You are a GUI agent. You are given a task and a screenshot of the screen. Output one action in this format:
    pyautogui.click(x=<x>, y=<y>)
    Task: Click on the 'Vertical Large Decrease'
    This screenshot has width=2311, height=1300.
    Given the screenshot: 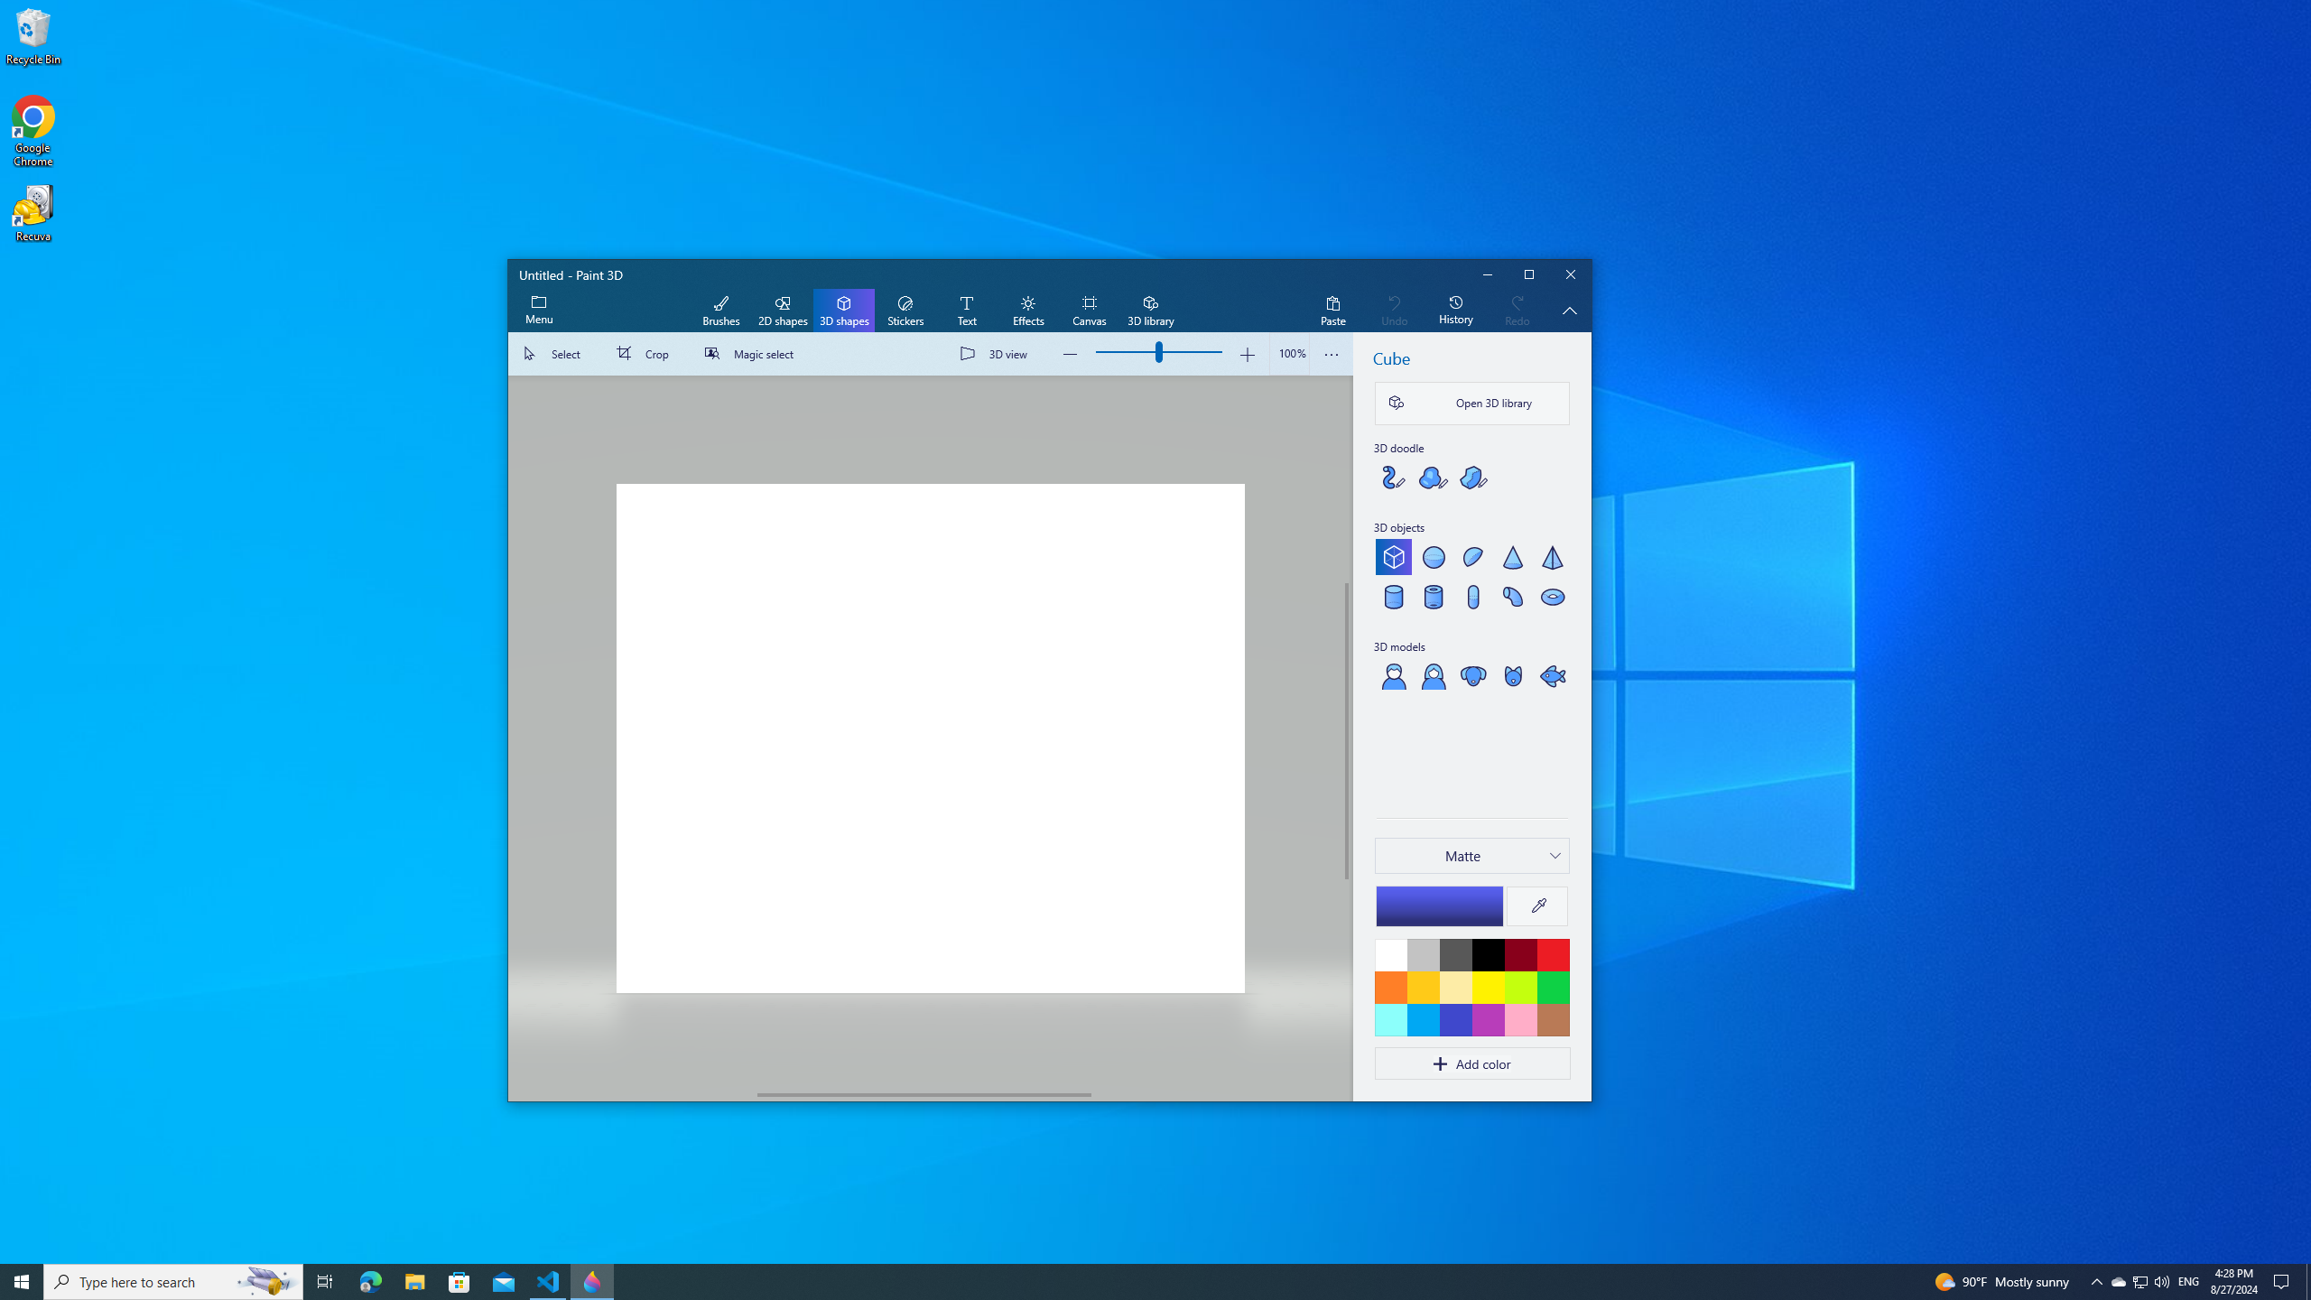 What is the action you would take?
    pyautogui.click(x=1346, y=479)
    